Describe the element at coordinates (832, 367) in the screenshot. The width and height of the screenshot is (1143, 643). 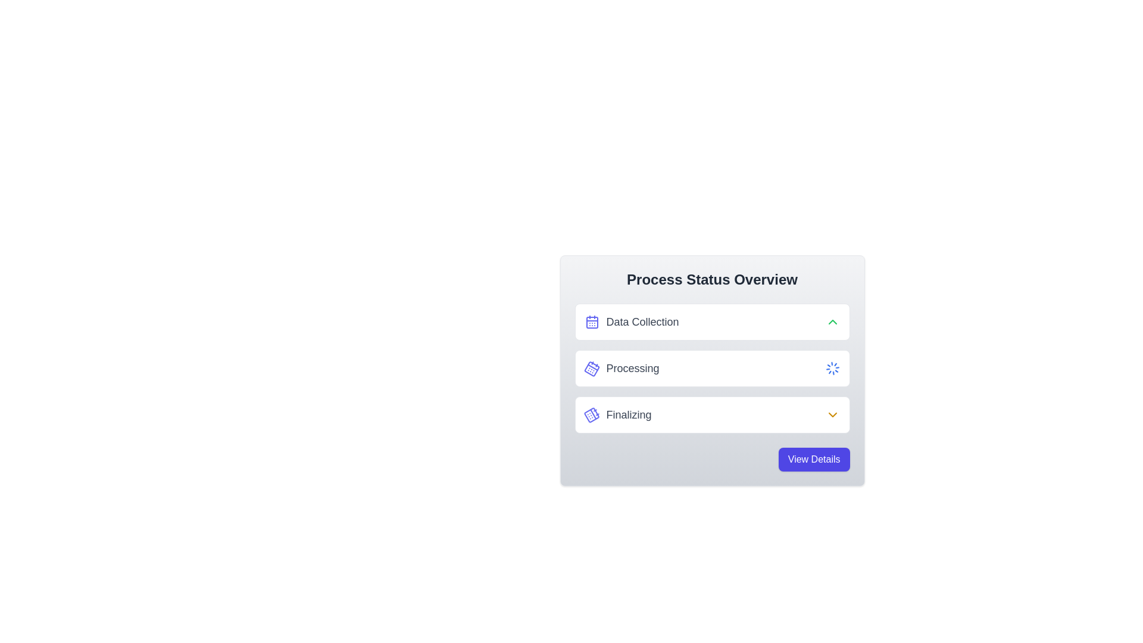
I see `the Spinner (loader animation) located at the far right of the row containing the 'Processing' text label to understand the active processing state` at that location.